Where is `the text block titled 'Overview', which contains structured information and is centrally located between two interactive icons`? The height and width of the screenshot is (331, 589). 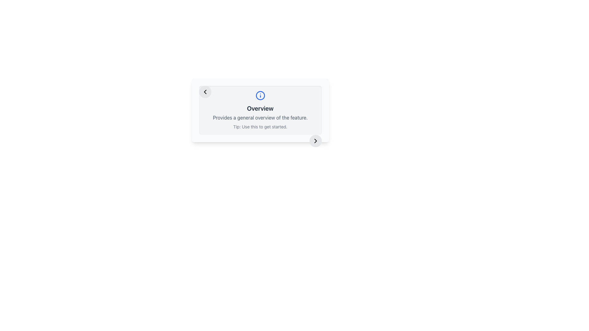 the text block titled 'Overview', which contains structured information and is centrally located between two interactive icons is located at coordinates (260, 110).